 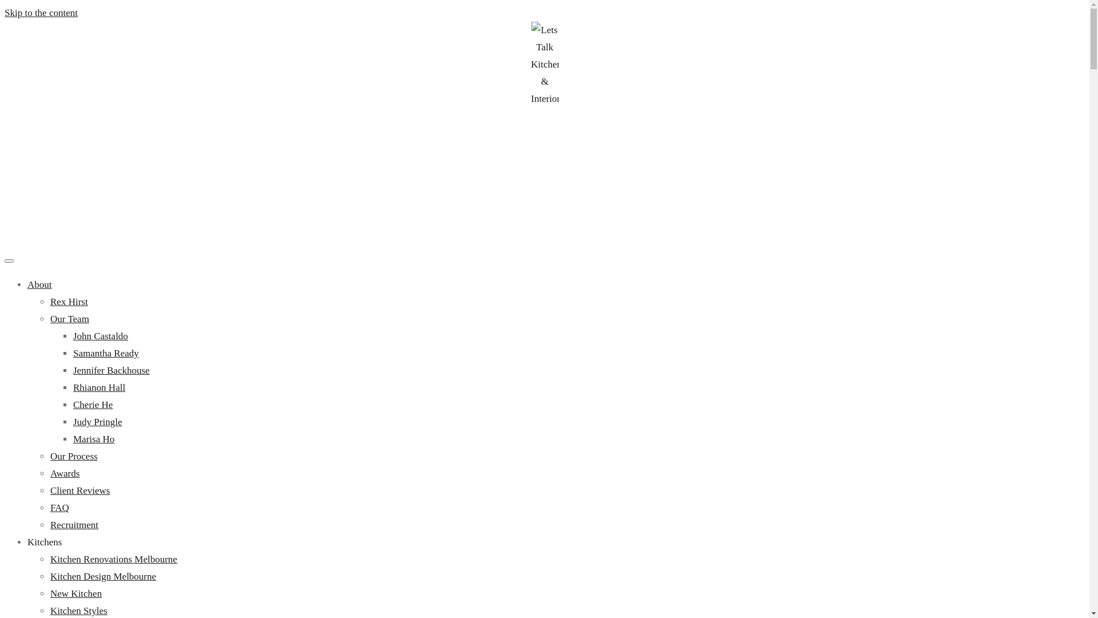 What do you see at coordinates (99, 387) in the screenshot?
I see `'Rhianon Hall'` at bounding box center [99, 387].